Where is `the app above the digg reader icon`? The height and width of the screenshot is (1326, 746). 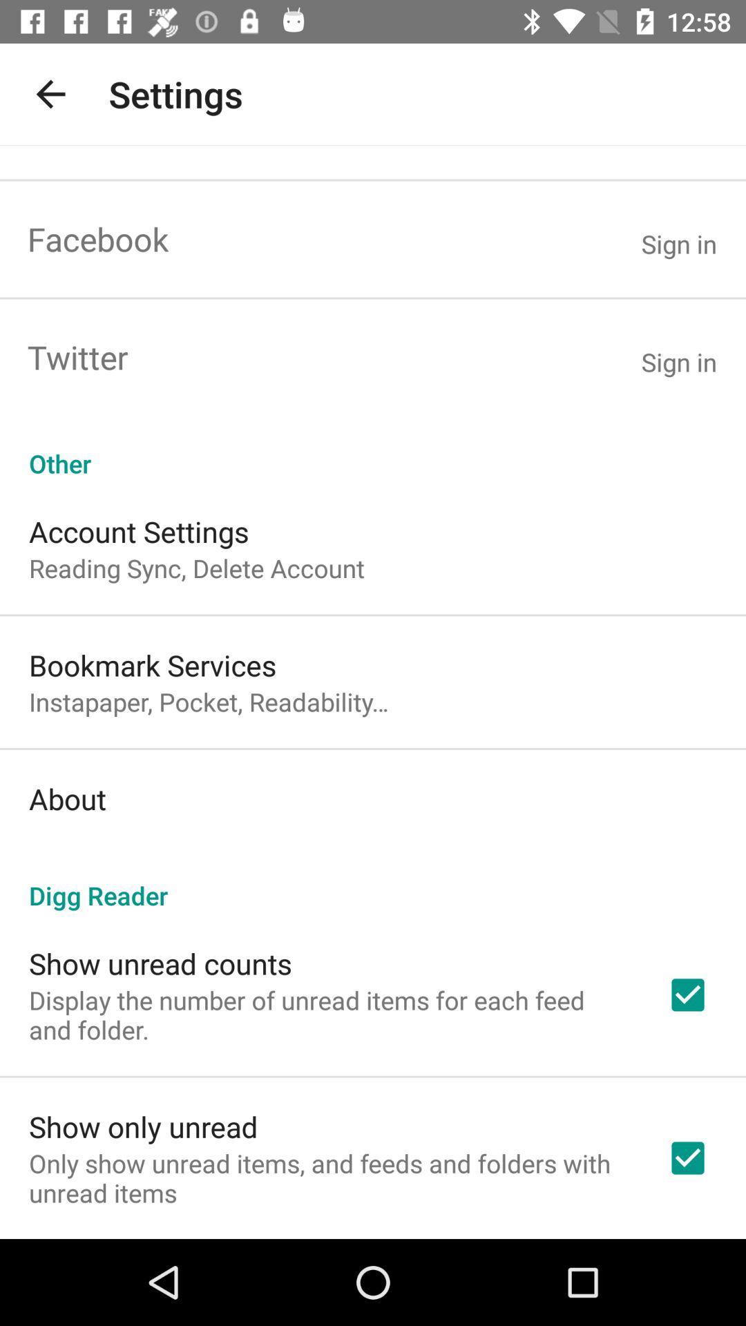
the app above the digg reader icon is located at coordinates (67, 798).